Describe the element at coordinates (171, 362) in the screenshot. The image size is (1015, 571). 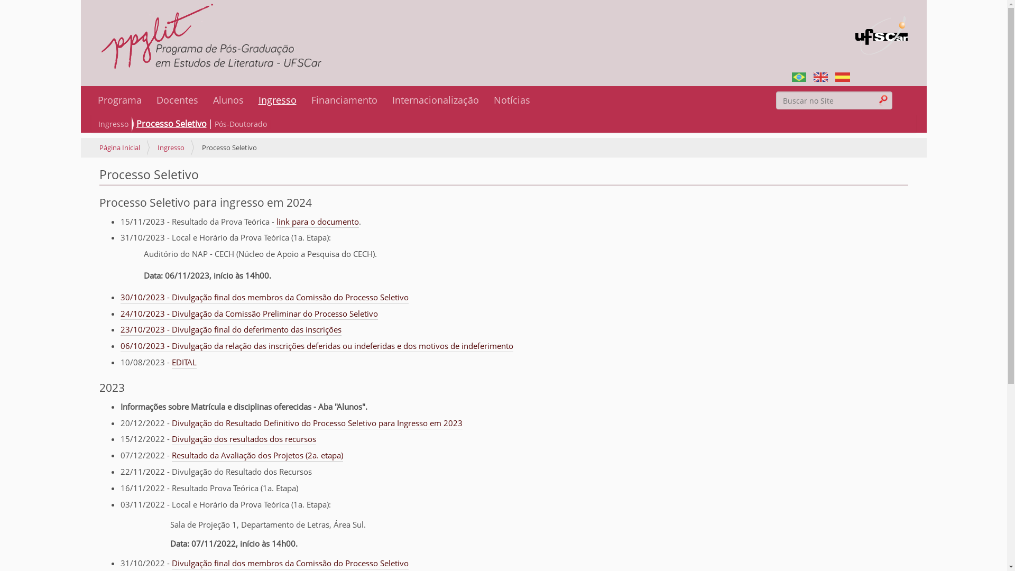
I see `'EDITAL'` at that location.